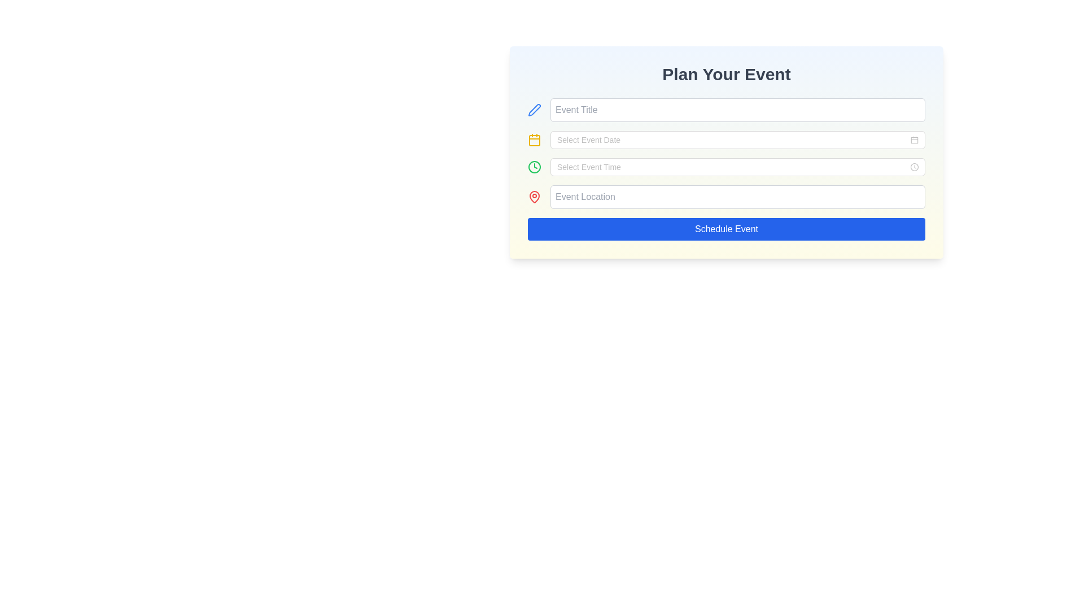 This screenshot has width=1084, height=610. Describe the element at coordinates (534, 167) in the screenshot. I see `the icon that indicates the purpose of the adjacent 'Select Event Time' input field, which is located on the left side of the input field` at that location.